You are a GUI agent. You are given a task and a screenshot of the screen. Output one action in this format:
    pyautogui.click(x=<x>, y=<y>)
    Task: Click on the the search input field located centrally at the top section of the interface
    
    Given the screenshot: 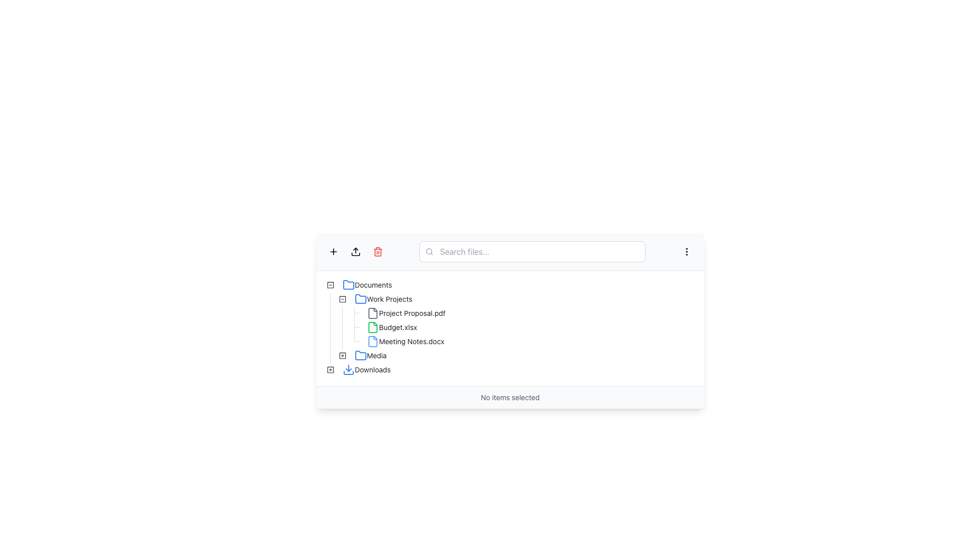 What is the action you would take?
    pyautogui.click(x=532, y=251)
    